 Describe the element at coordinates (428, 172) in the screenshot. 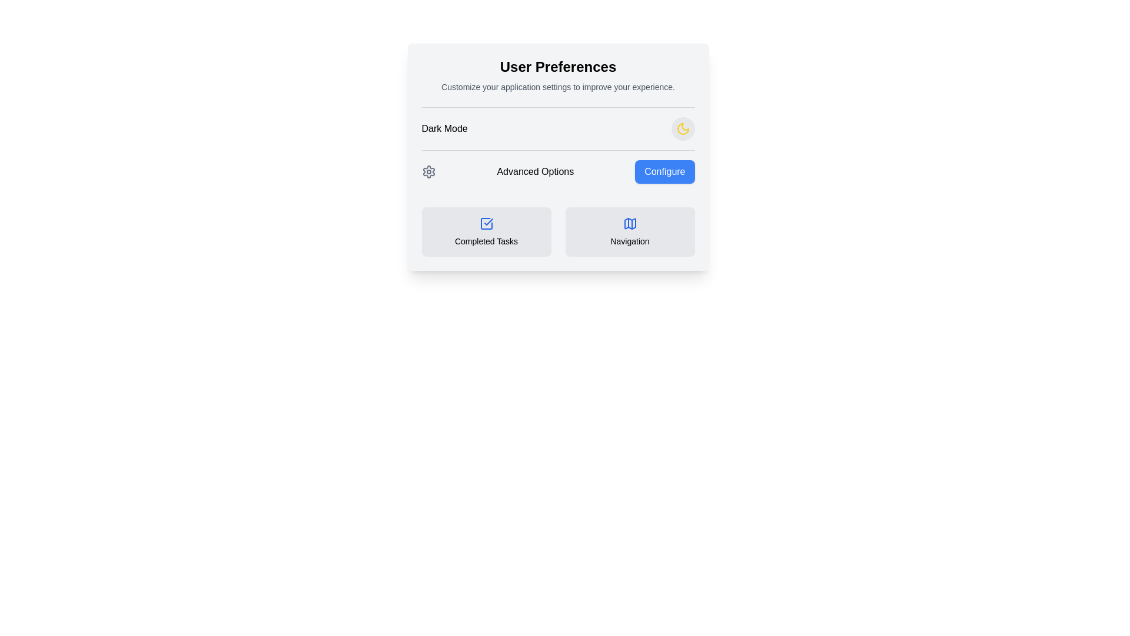

I see `the gear icon representing settings, located next to the 'Advanced Options' label` at that location.